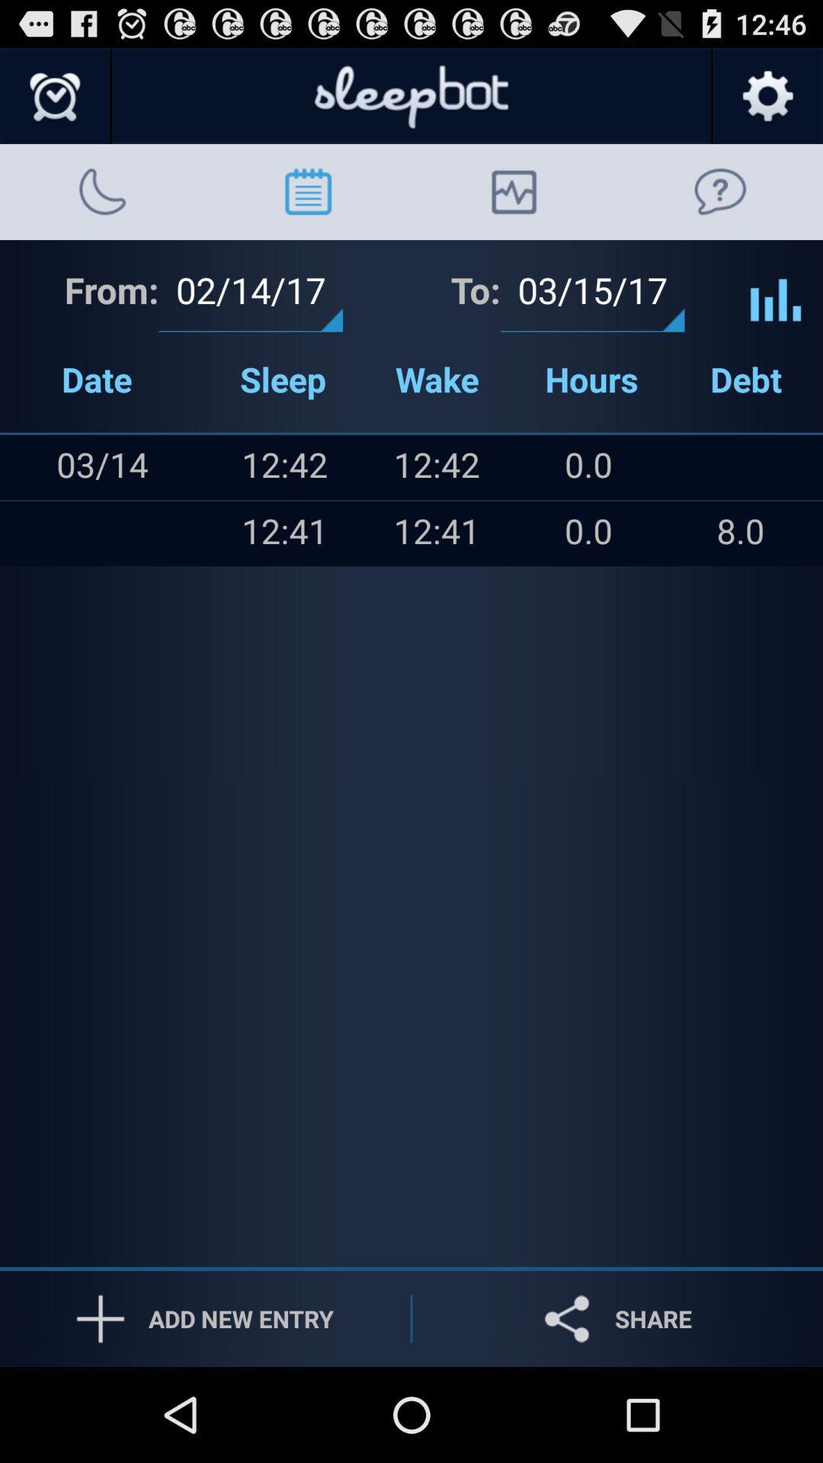 Image resolution: width=823 pixels, height=1463 pixels. What do you see at coordinates (776, 288) in the screenshot?
I see `the app above debt app` at bounding box center [776, 288].